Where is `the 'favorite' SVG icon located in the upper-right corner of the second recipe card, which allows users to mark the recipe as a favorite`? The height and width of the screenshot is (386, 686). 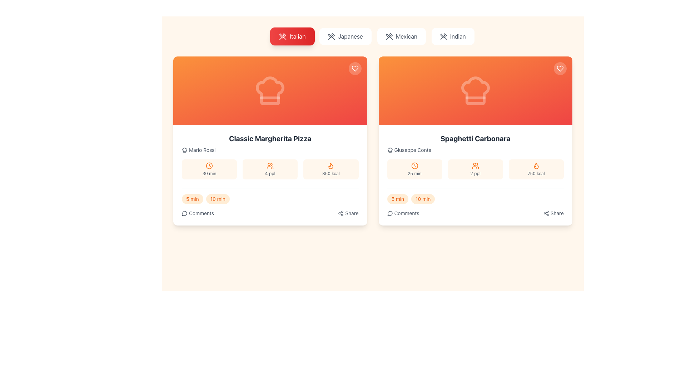
the 'favorite' SVG icon located in the upper-right corner of the second recipe card, which allows users to mark the recipe as a favorite is located at coordinates (355, 69).